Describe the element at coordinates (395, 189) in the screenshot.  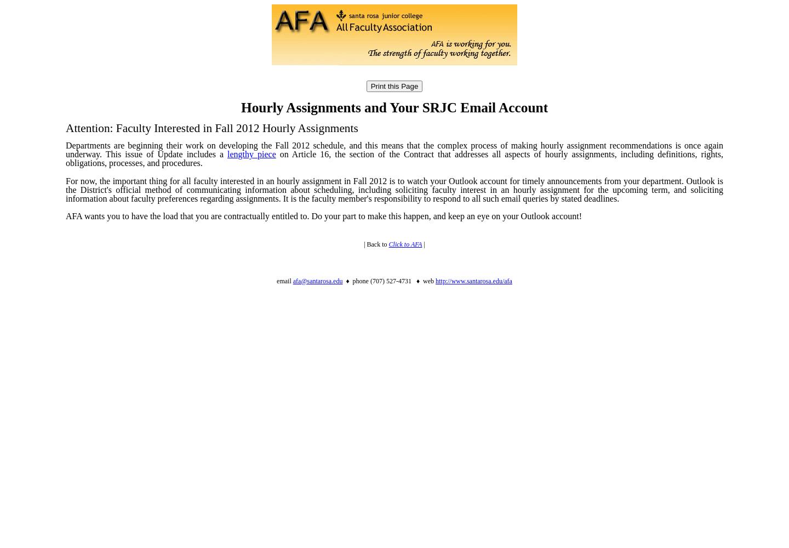
I see `'For now, the important thing for all faculty interested in an hourly assignment in Fall 2012 is to watch your Outlook account for timely announcements from your department. Outlook is the District's official method of communicating information about scheduling, including soliciting faculty interest in an hourly assignment for the upcoming term, and soliciting information about faculty preferences regarding assignments. It is the faculty member's responsibility to respond to all such email queries by stated deadlines.'` at that location.